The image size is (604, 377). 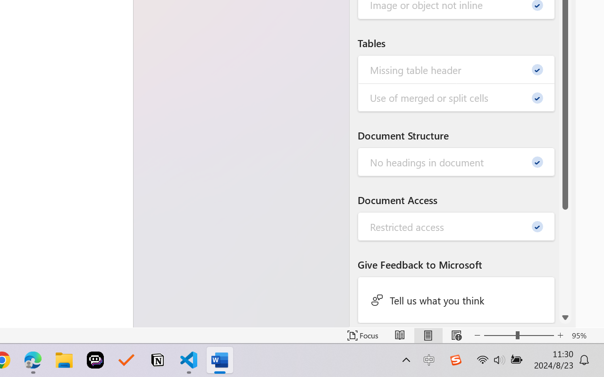 What do you see at coordinates (456, 227) in the screenshot?
I see `'Restricted access - 0'` at bounding box center [456, 227].